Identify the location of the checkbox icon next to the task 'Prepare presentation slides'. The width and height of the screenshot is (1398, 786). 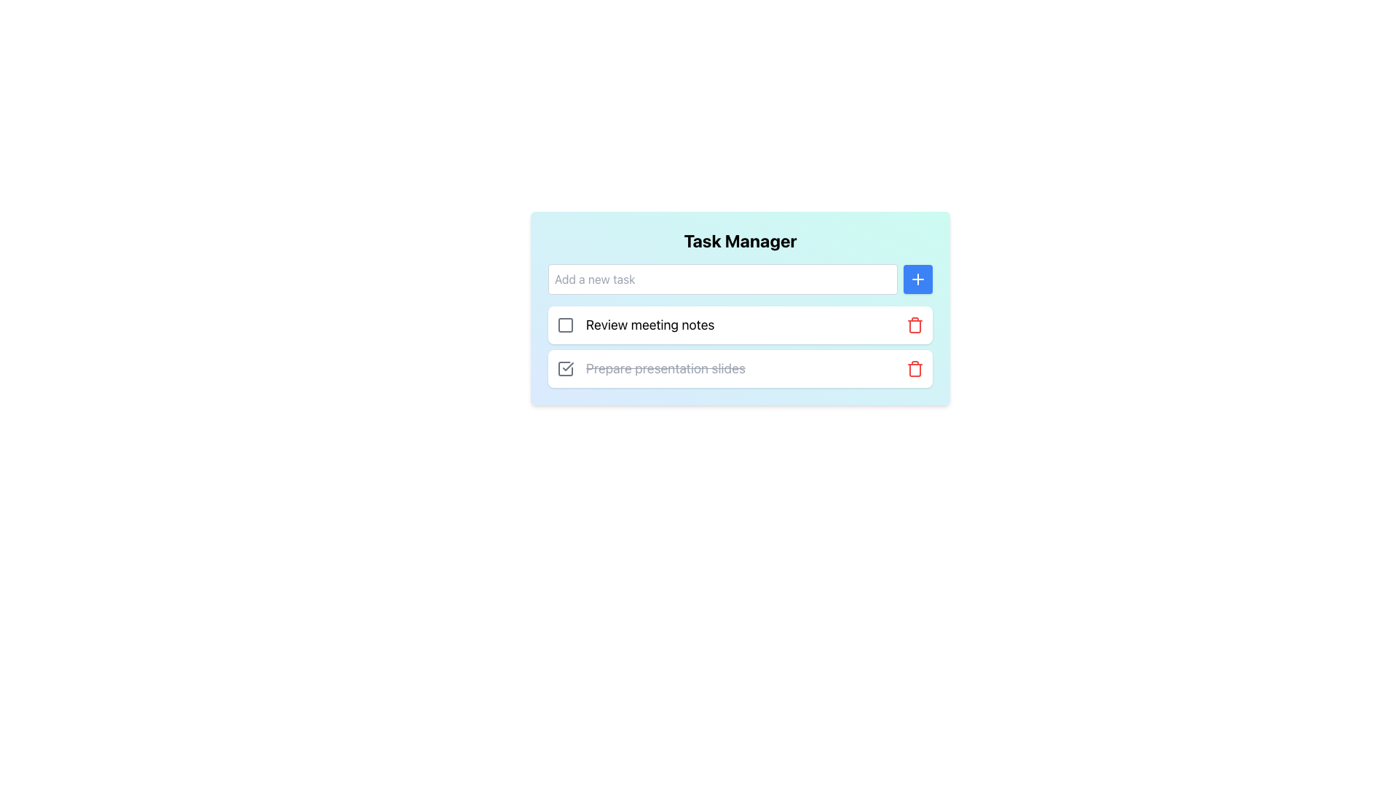
(565, 368).